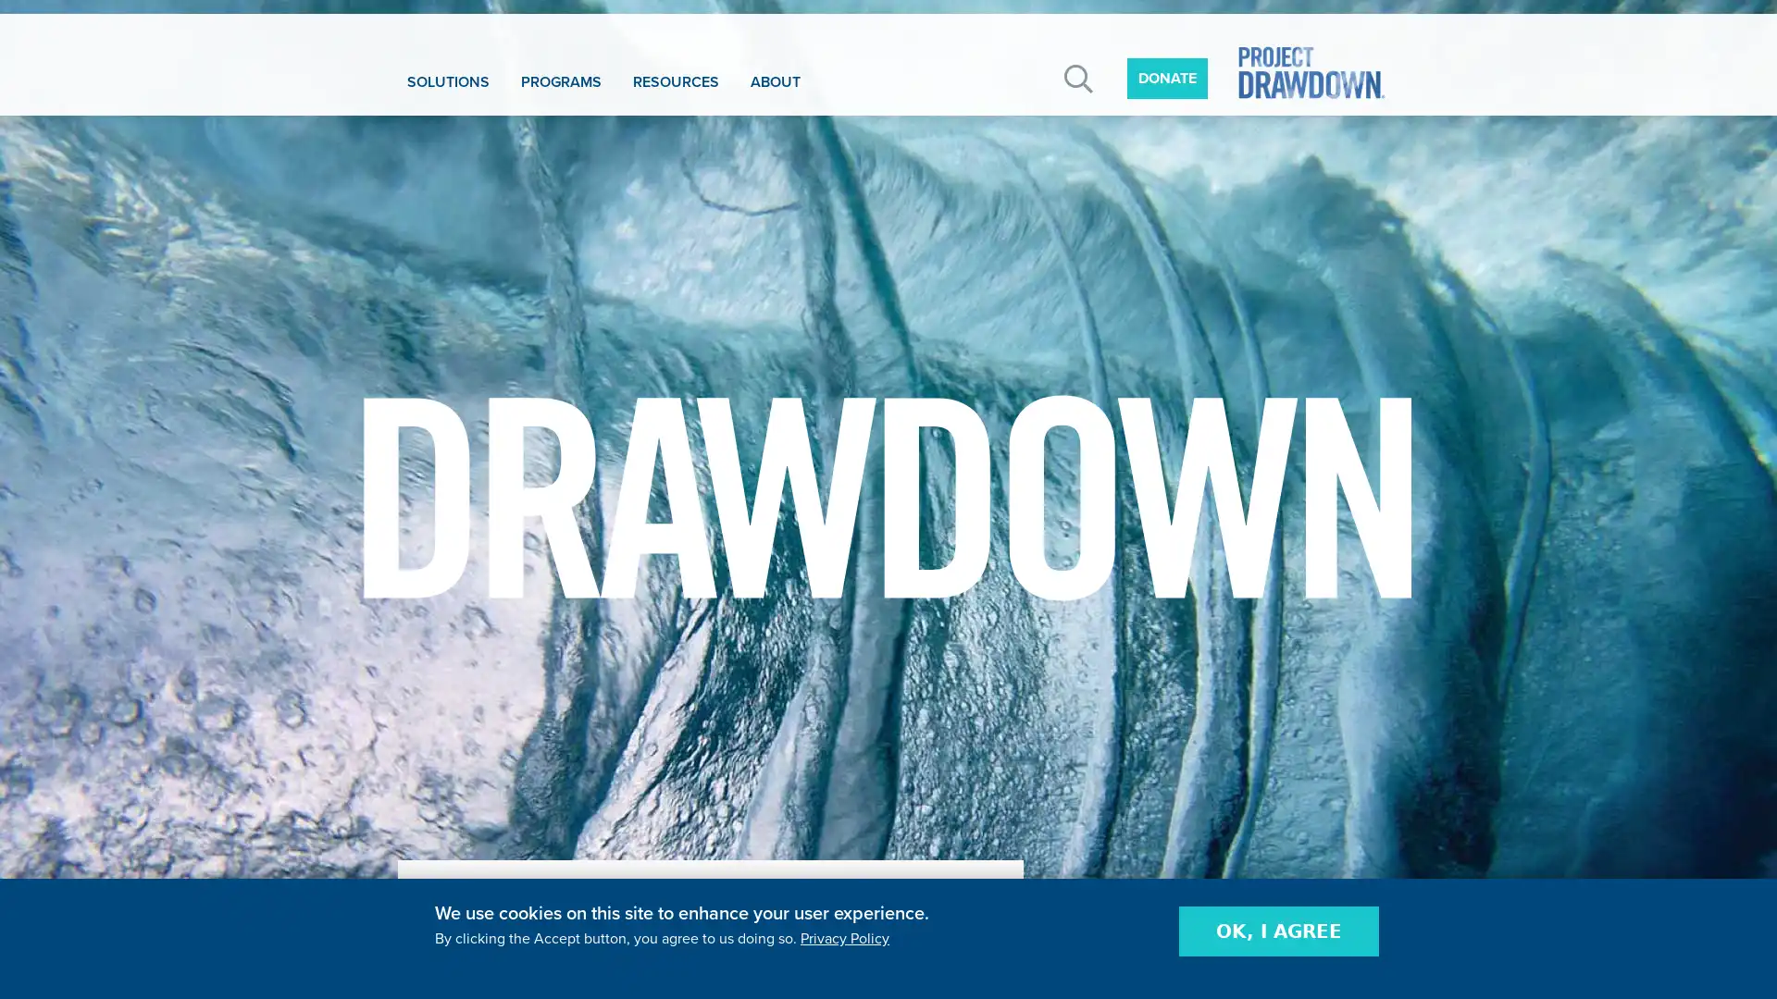  Describe the element at coordinates (1258, 180) in the screenshot. I see `Search Full Site` at that location.